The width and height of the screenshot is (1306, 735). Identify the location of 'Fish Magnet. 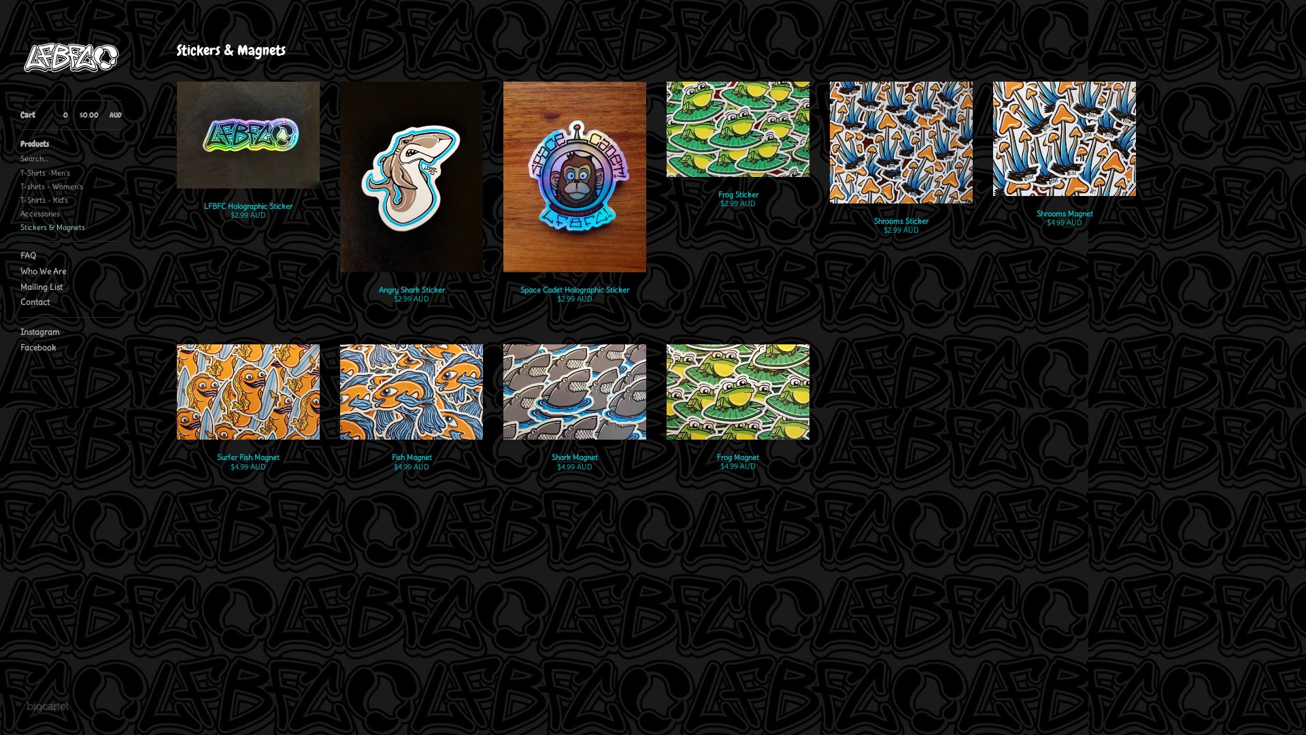
(410, 416).